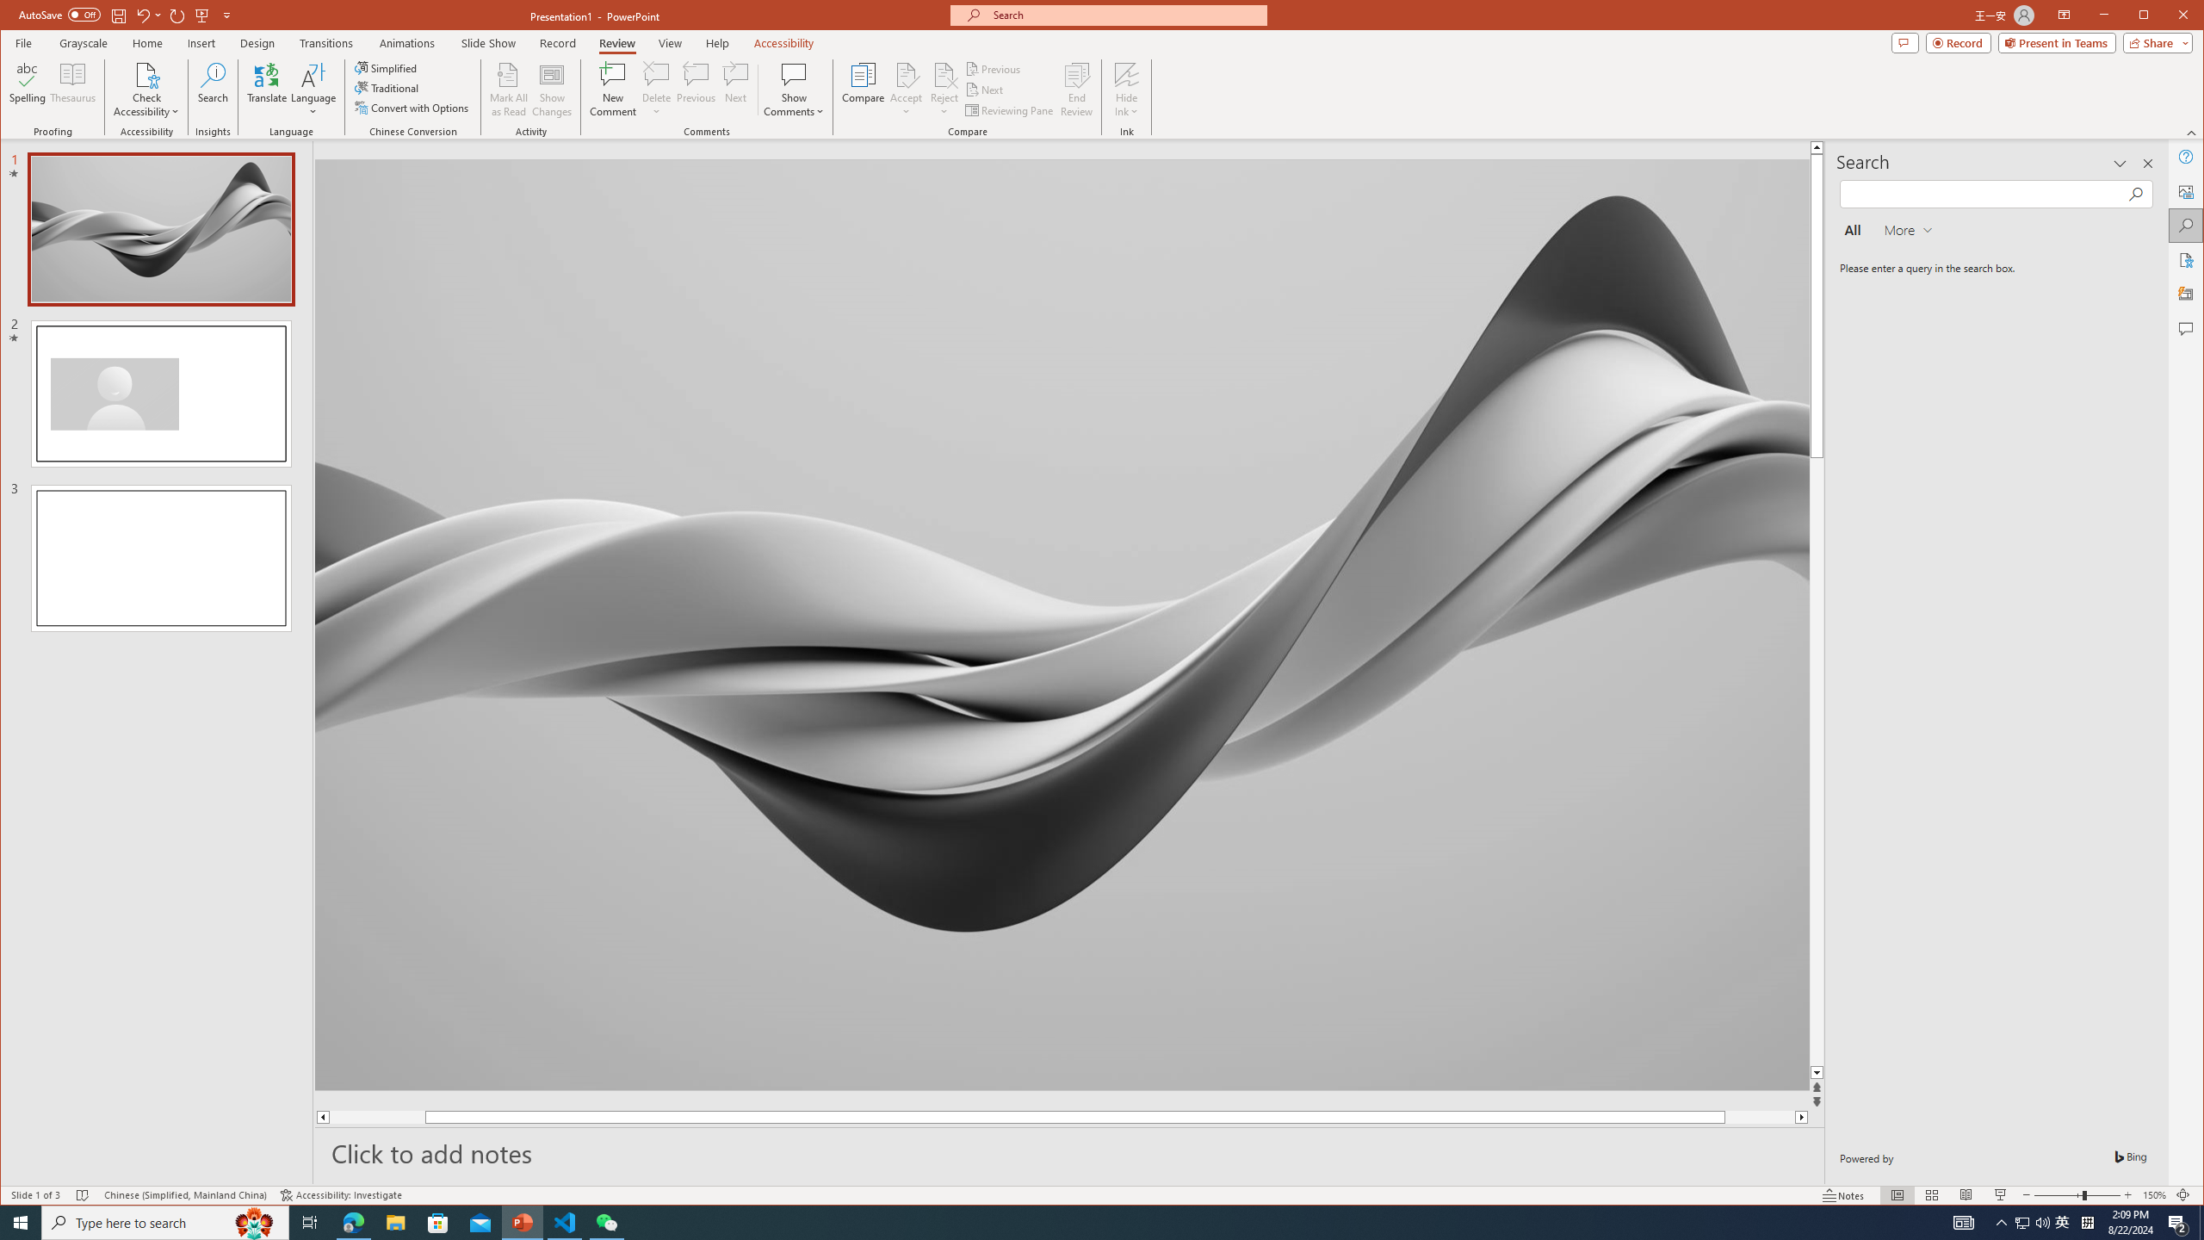 Image resolution: width=2204 pixels, height=1240 pixels. I want to click on 'Compare', so click(863, 89).